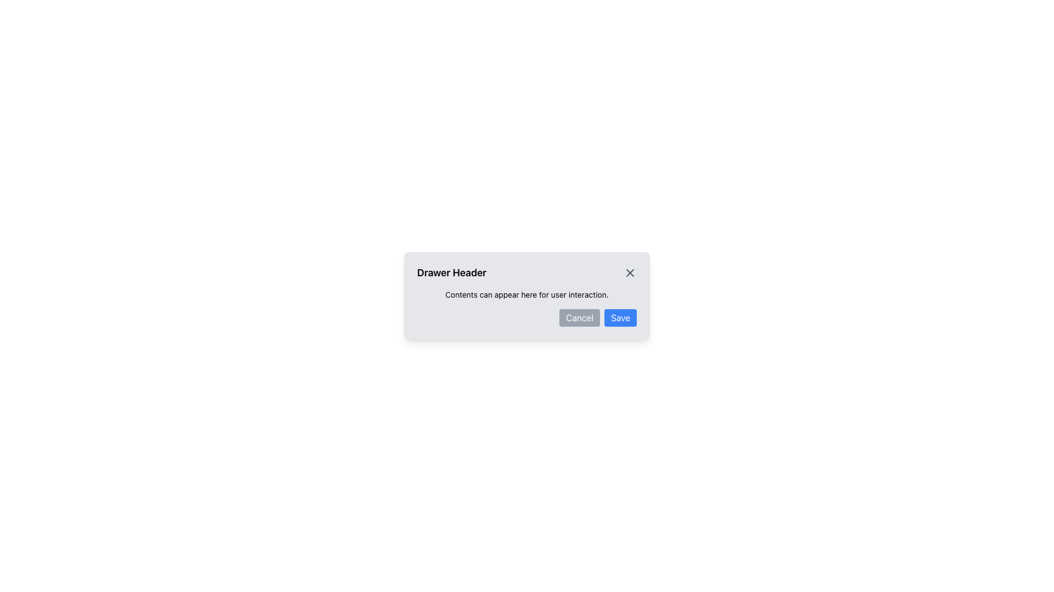 This screenshot has width=1054, height=592. I want to click on the close button represented by a grayish 'X' symbol located at the top-right corner of the 'Drawer Header' section, so click(630, 272).